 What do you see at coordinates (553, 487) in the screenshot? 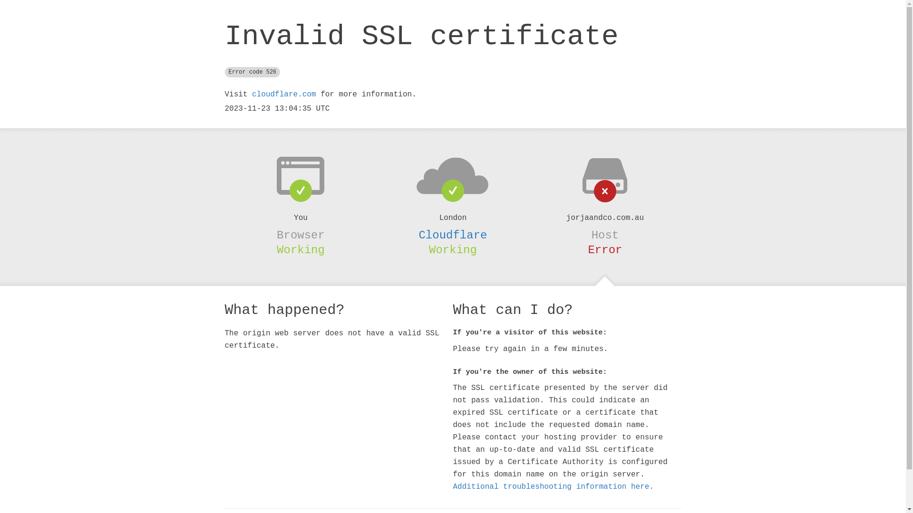
I see `'Additional troubleshooting information here.'` at bounding box center [553, 487].